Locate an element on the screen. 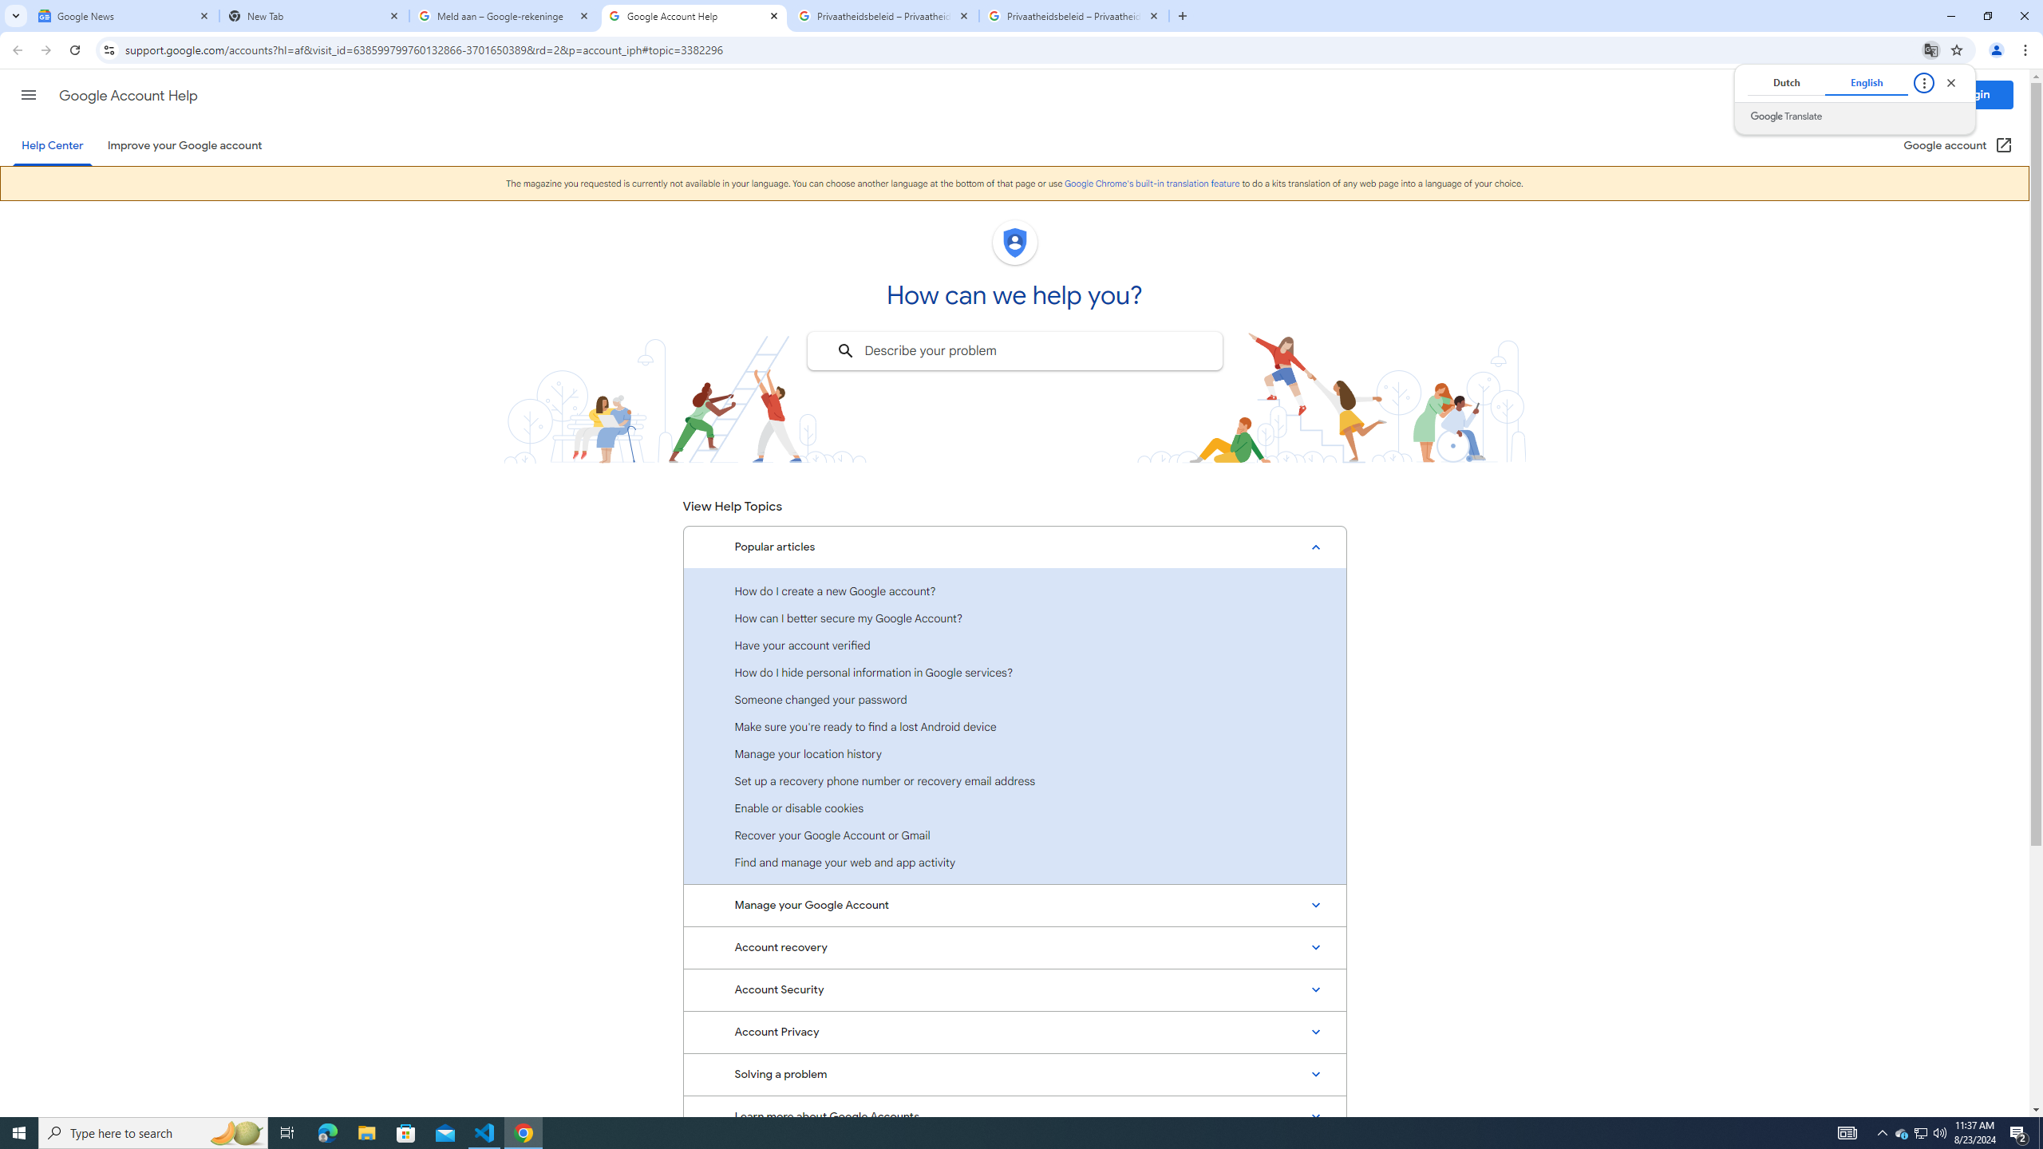 The image size is (2043, 1149). 'User Promoted Notification Area' is located at coordinates (1919, 1131).